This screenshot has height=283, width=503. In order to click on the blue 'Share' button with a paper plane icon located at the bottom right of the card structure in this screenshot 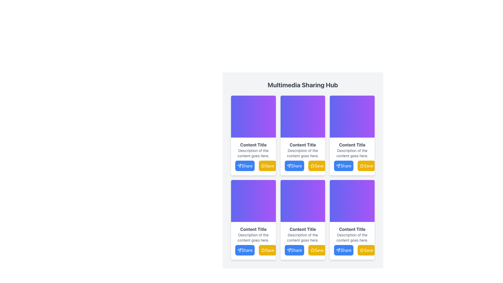, I will do `click(352, 250)`.